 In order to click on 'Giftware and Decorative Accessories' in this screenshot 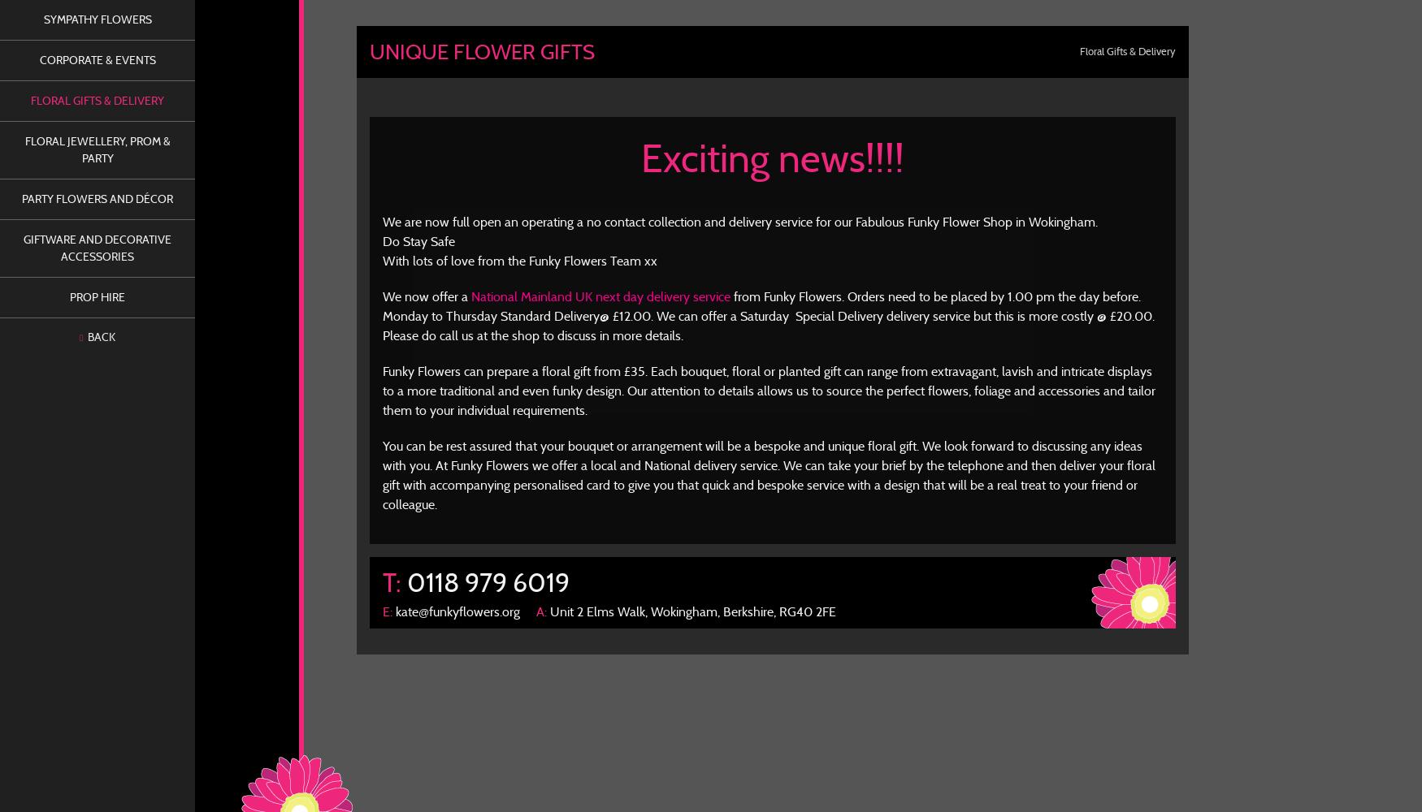, I will do `click(23, 248)`.